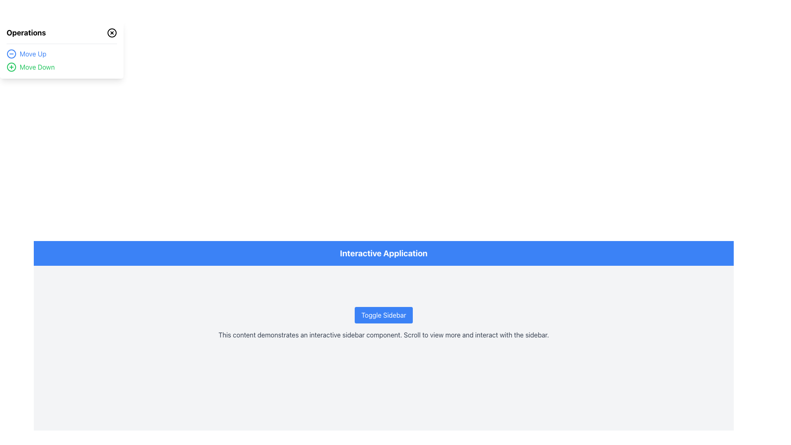 This screenshot has width=791, height=445. I want to click on the circular button with a cross symbol inside, located in the top-right corner of the 'Operations' section, so click(112, 33).